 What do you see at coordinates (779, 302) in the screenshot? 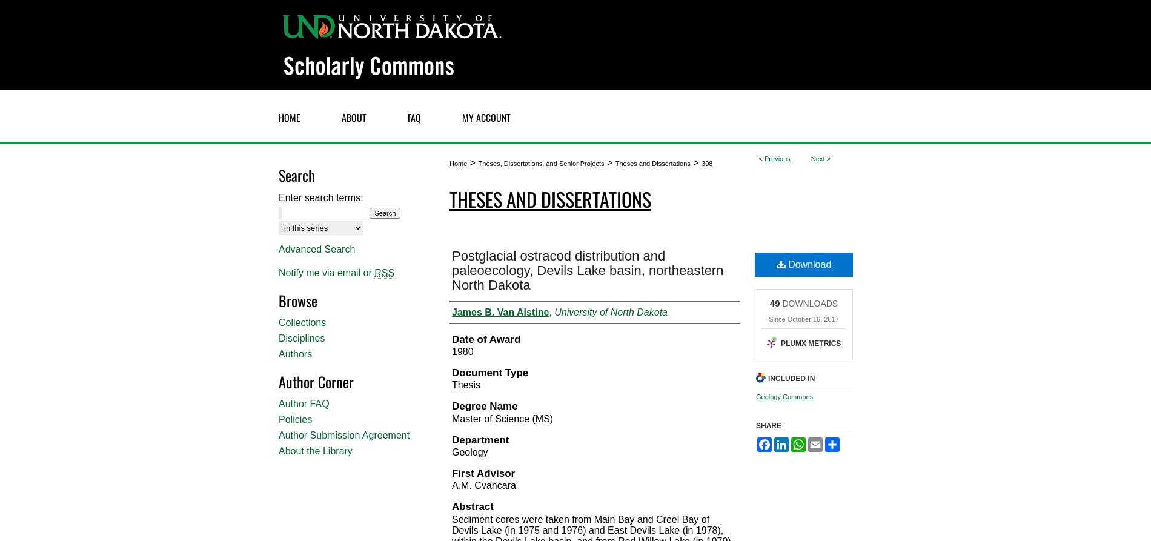
I see `'DOWNLOADS'` at bounding box center [779, 302].